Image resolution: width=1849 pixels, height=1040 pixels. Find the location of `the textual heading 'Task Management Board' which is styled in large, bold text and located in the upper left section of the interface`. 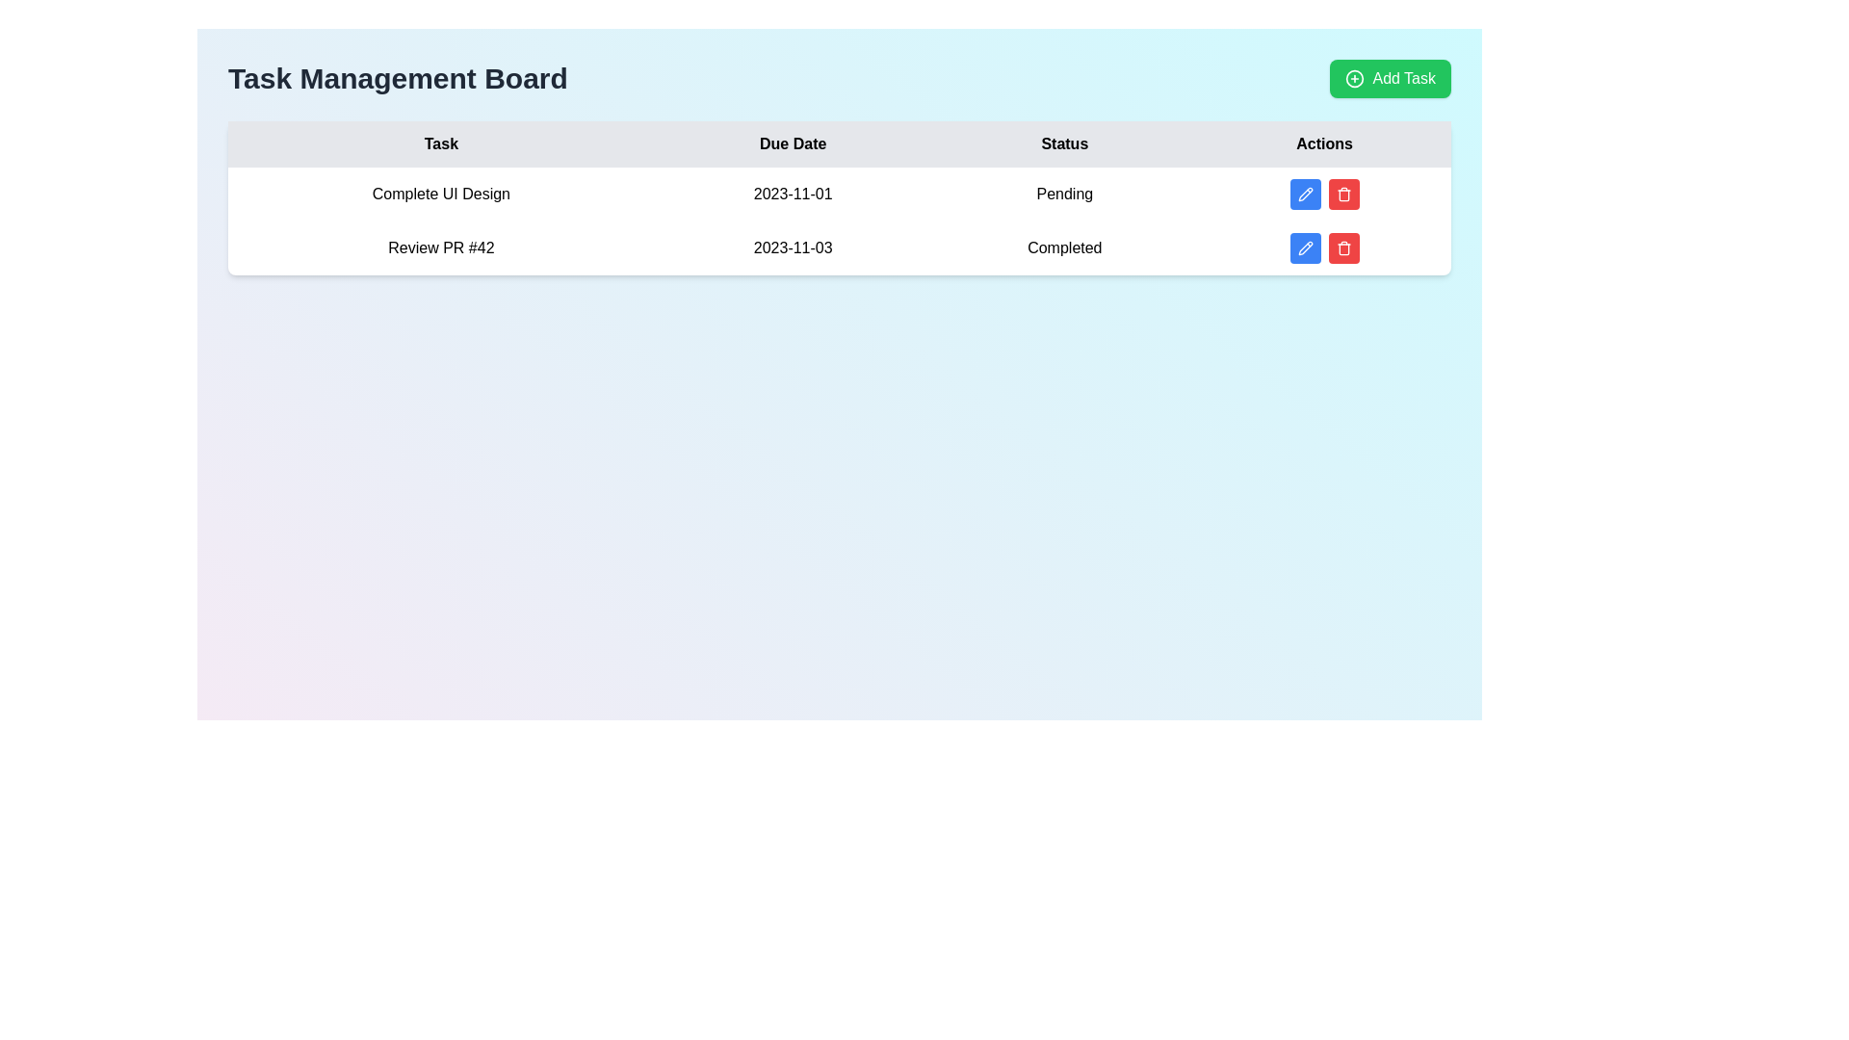

the textual heading 'Task Management Board' which is styled in large, bold text and located in the upper left section of the interface is located at coordinates (397, 77).